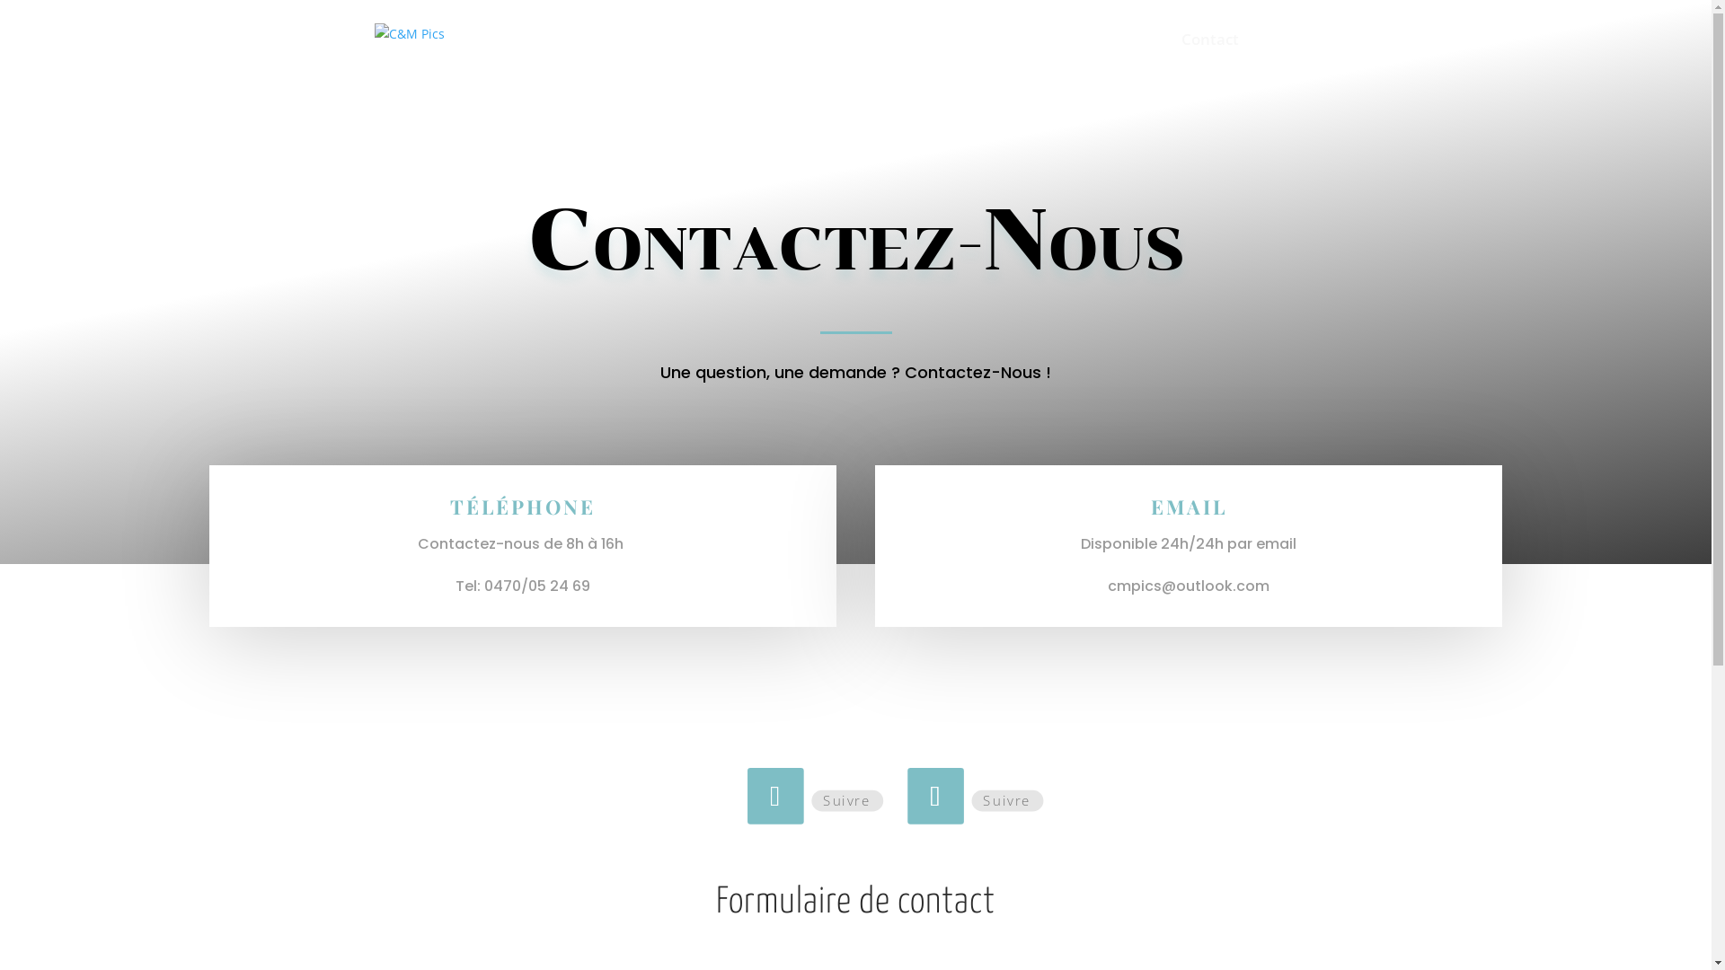 The height and width of the screenshot is (970, 1725). I want to click on 'Accueil', so click(1044, 55).